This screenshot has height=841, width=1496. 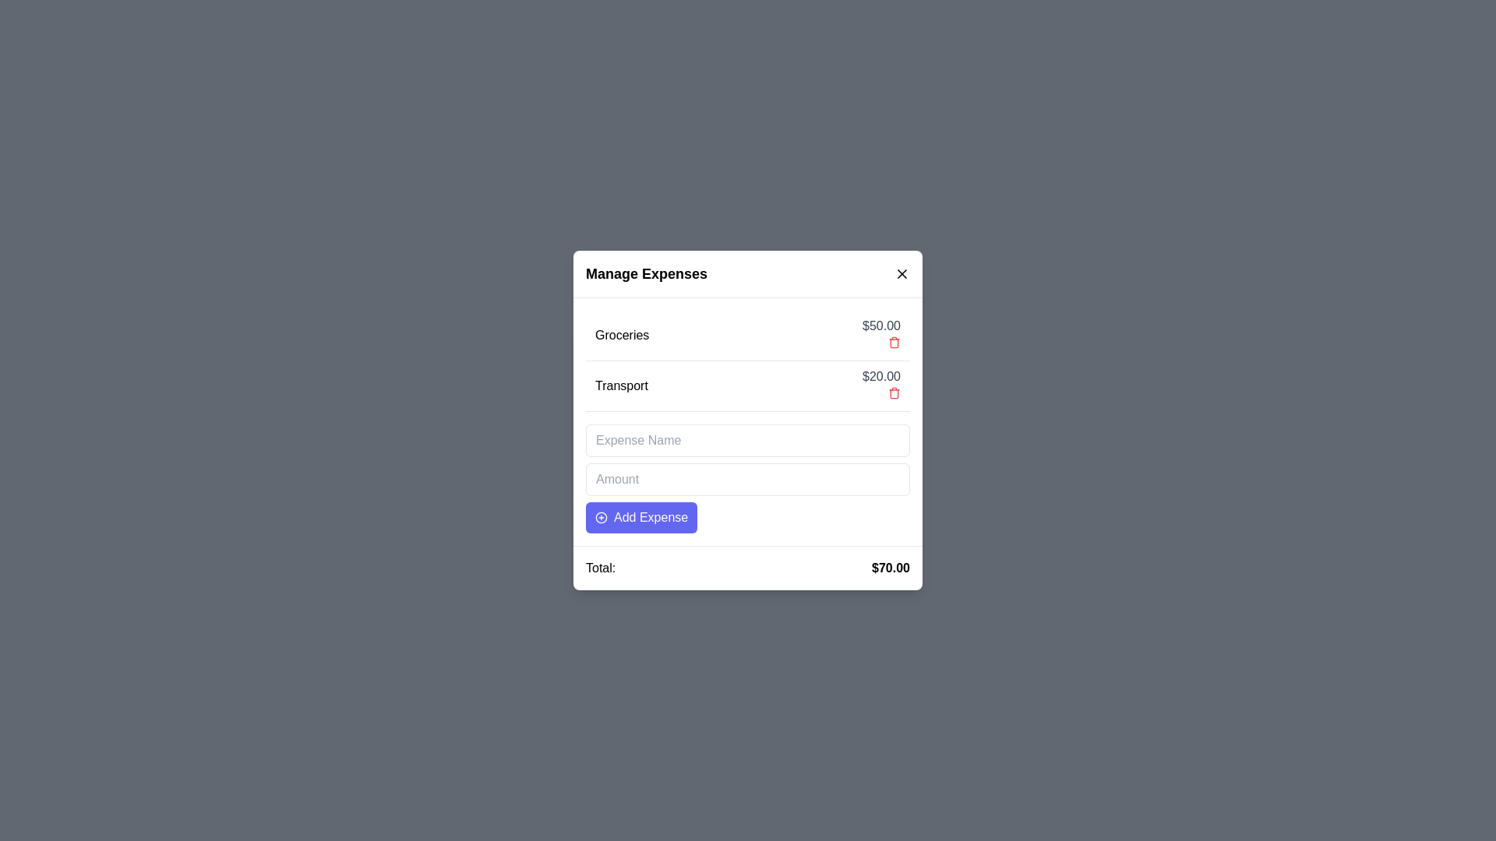 I want to click on the text label for the second expense category in the 'Manage Expenses' modal, located below 'Groceries' and associated with '$20.00', so click(x=620, y=385).